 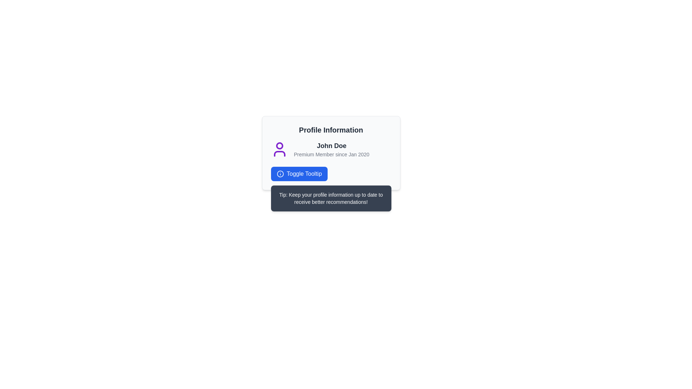 I want to click on the SVG Circle element that visually represents the user's head, which is centered above the body of the user icon, so click(x=279, y=146).